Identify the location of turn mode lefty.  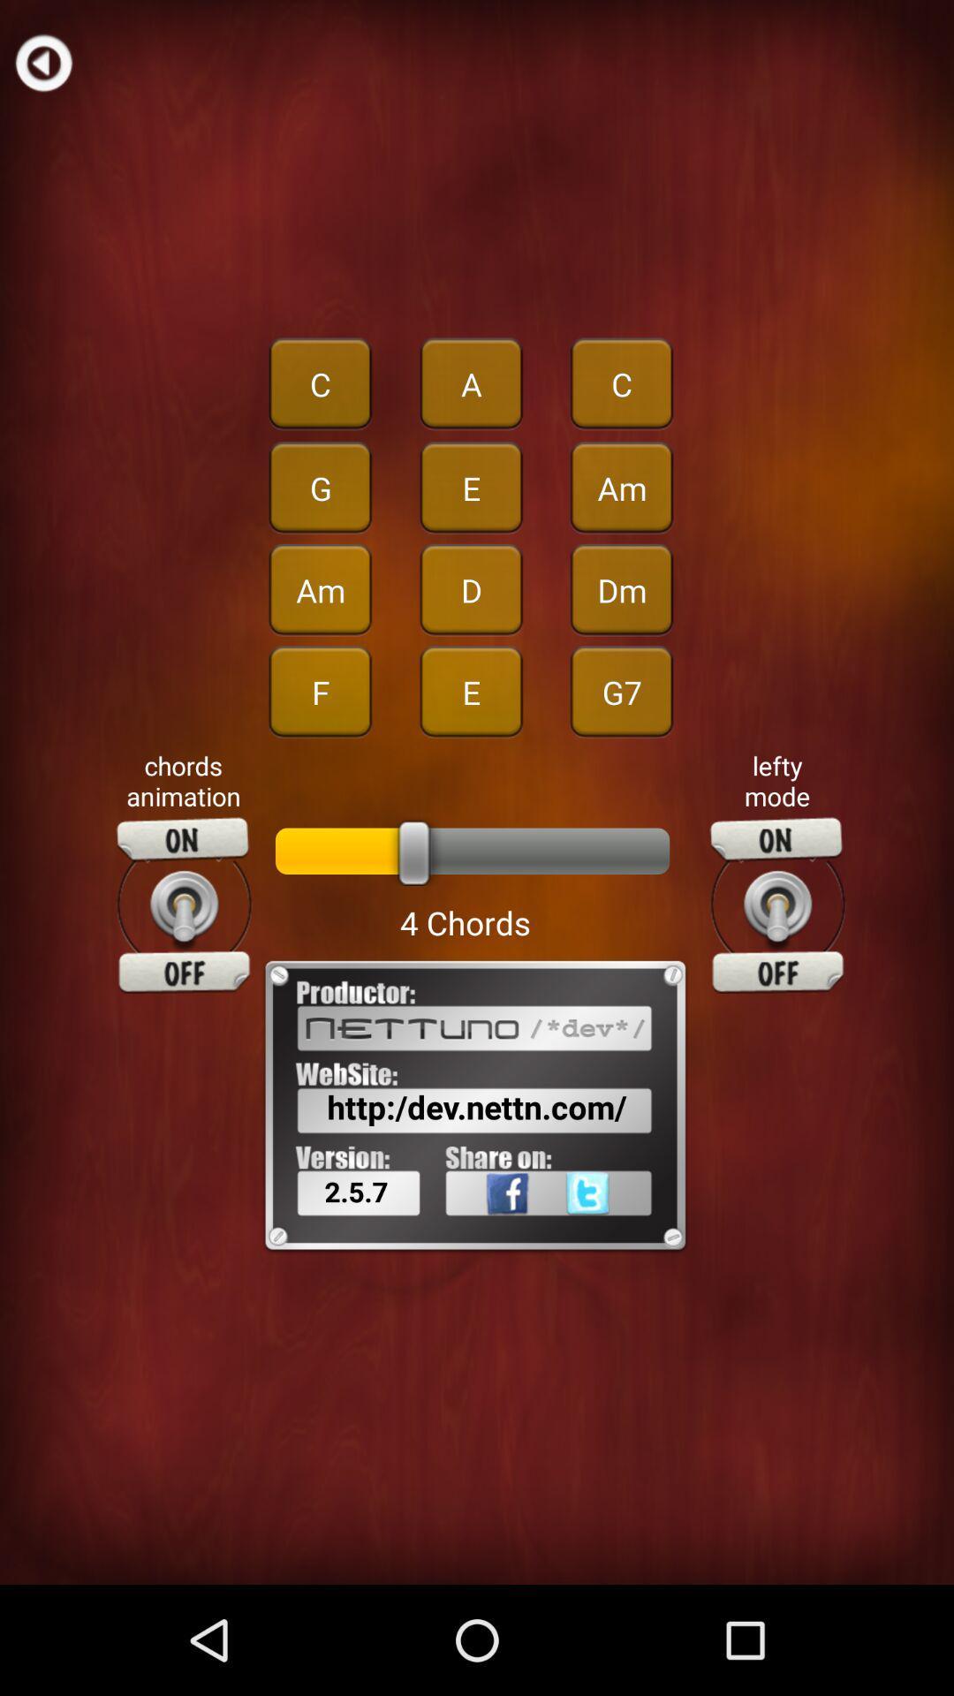
(776, 905).